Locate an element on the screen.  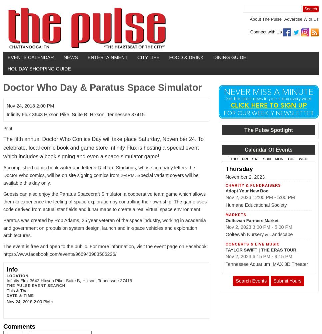
'Advertise With Us' is located at coordinates (301, 19).